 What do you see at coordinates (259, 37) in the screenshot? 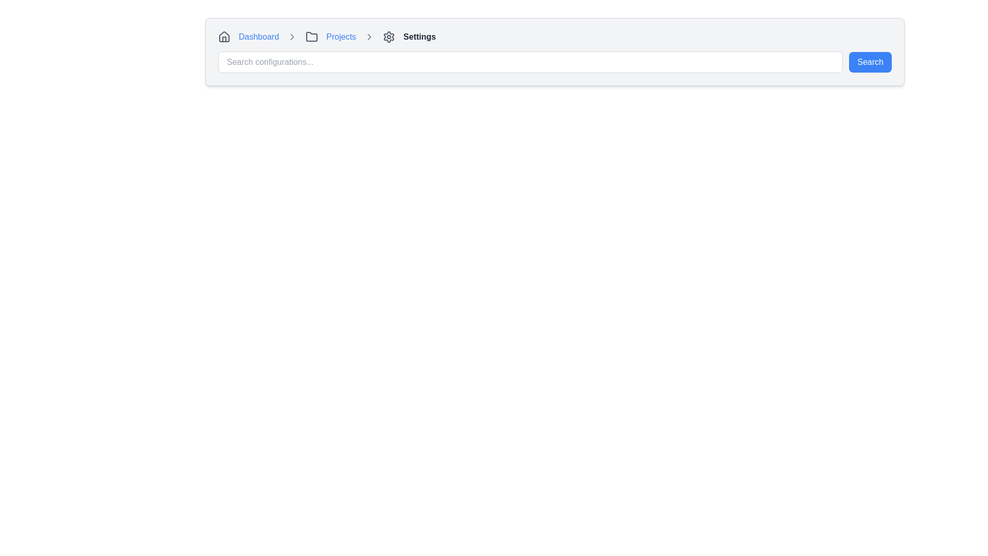
I see `the 'Dashboard' hyperlink in the navigation bar` at bounding box center [259, 37].